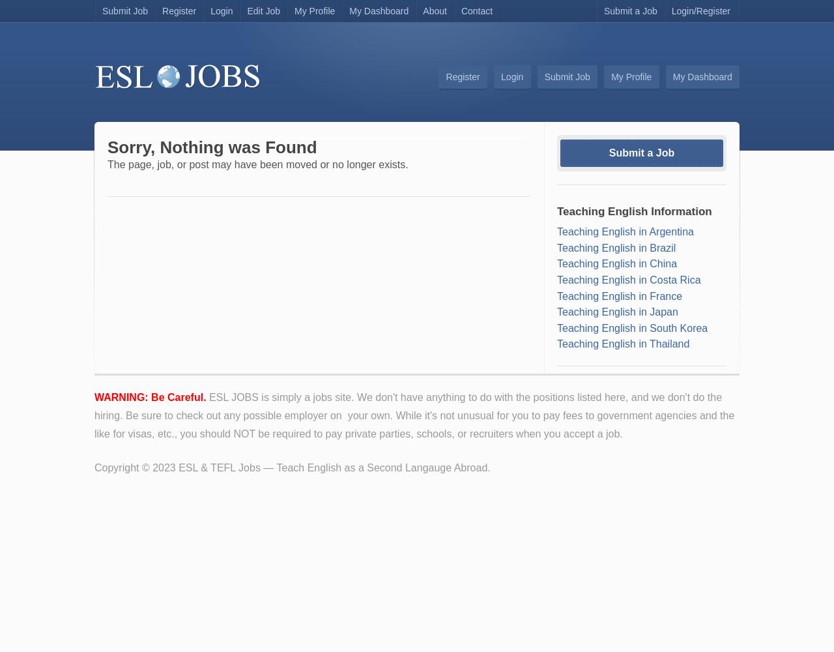 The height and width of the screenshot is (652, 834). I want to click on 'Teaching English in Brazil', so click(616, 247).